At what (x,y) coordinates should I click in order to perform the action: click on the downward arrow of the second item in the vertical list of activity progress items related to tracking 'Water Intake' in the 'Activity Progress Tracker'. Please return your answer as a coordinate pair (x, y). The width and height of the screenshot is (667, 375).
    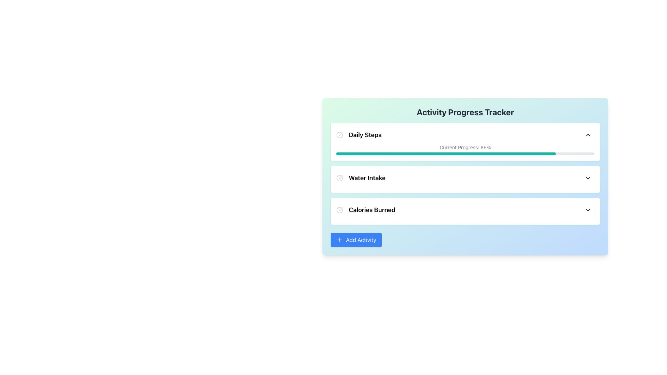
    Looking at the image, I should click on (465, 178).